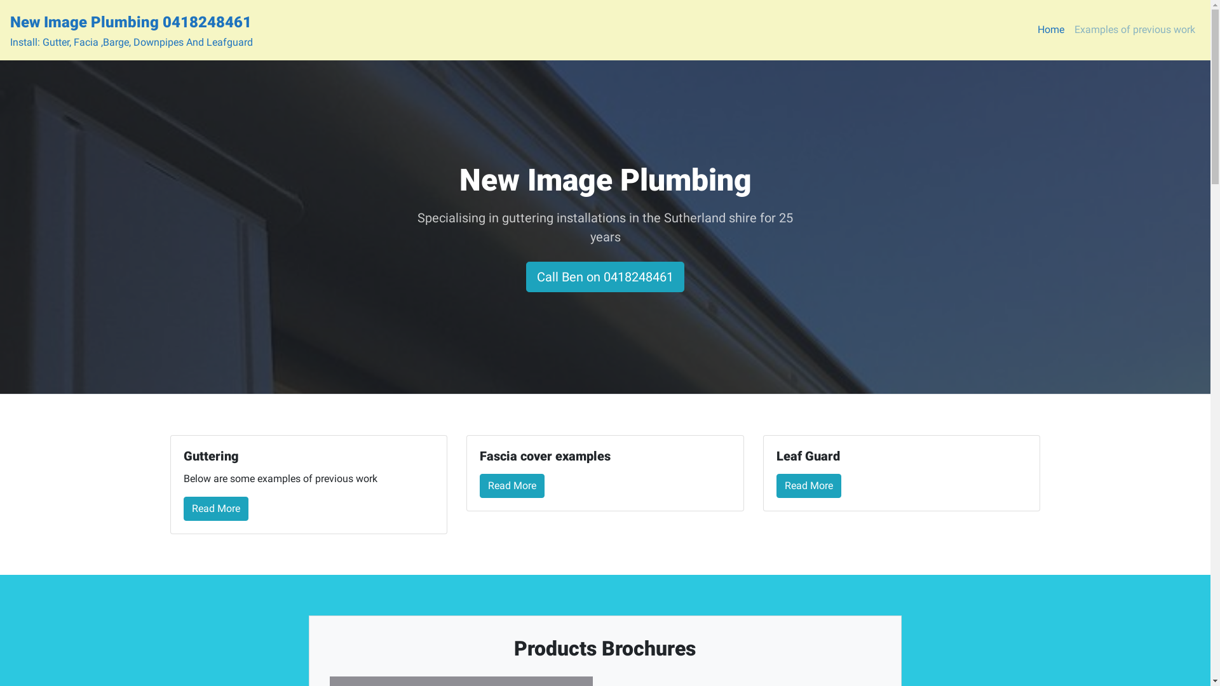 Image resolution: width=1220 pixels, height=686 pixels. I want to click on 'Examples of previous work', so click(1069, 29).